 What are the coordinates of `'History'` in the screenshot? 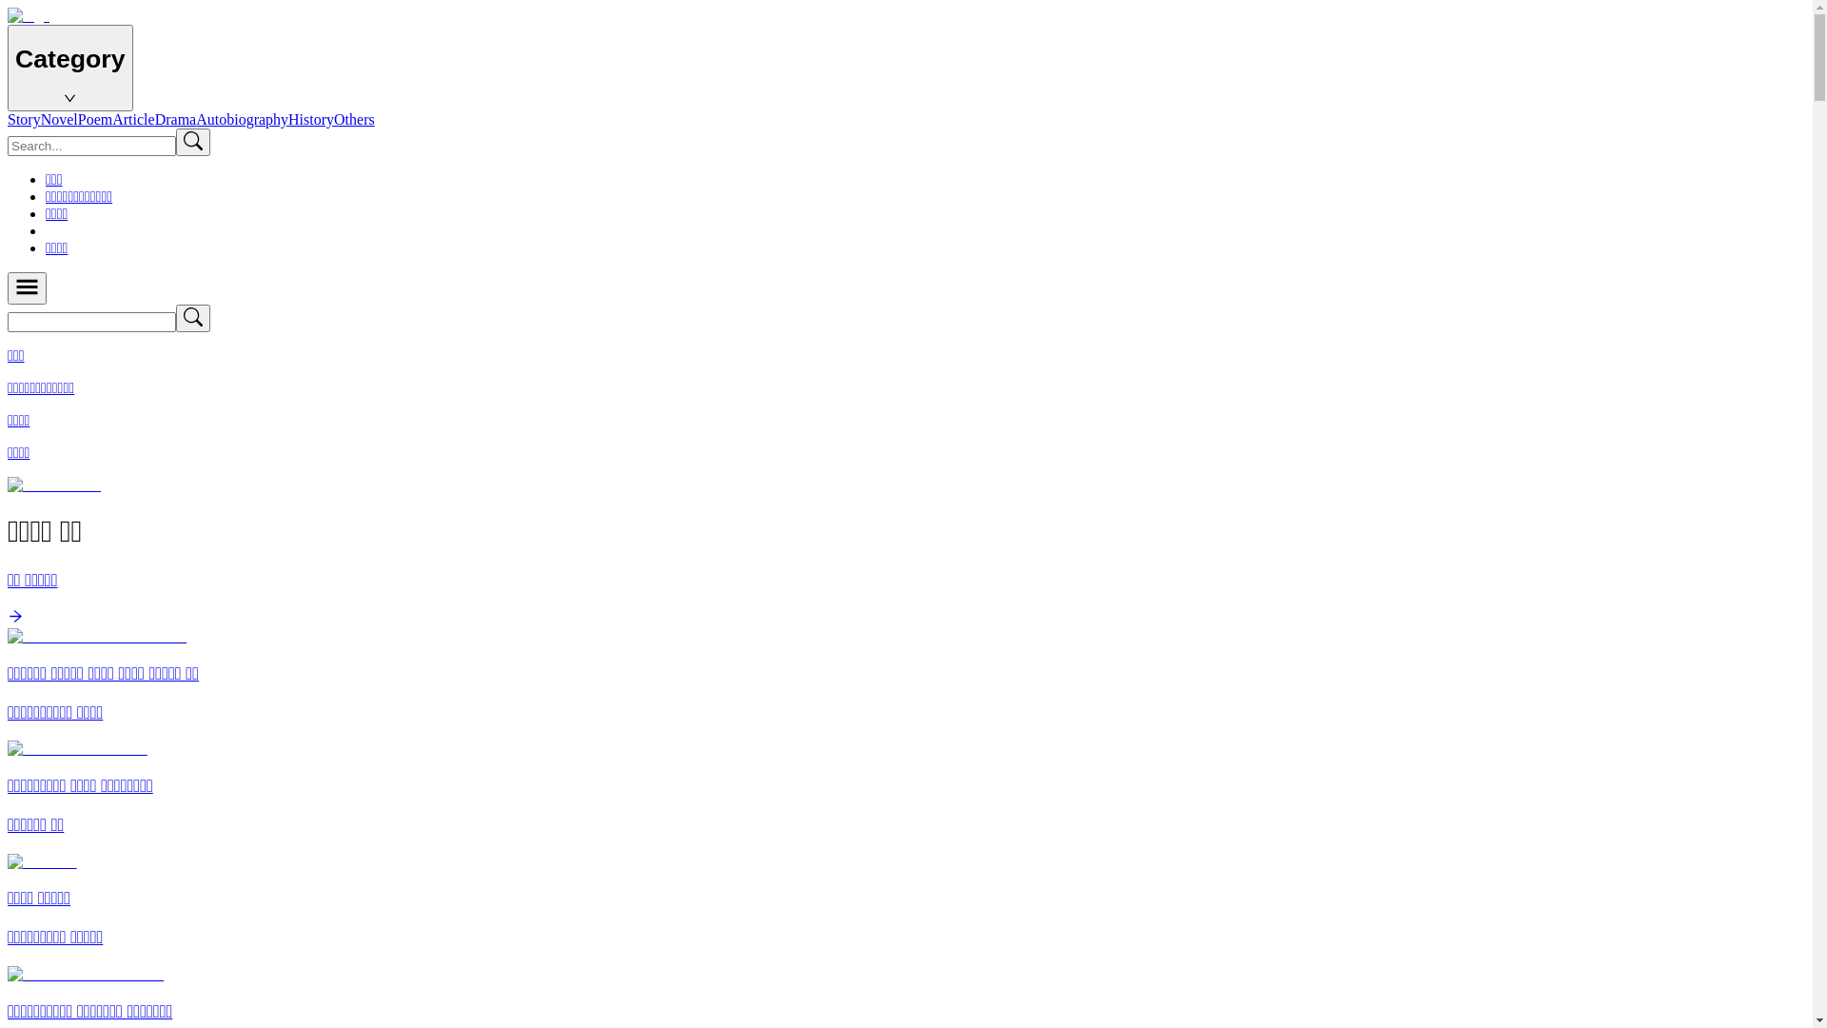 It's located at (286, 119).